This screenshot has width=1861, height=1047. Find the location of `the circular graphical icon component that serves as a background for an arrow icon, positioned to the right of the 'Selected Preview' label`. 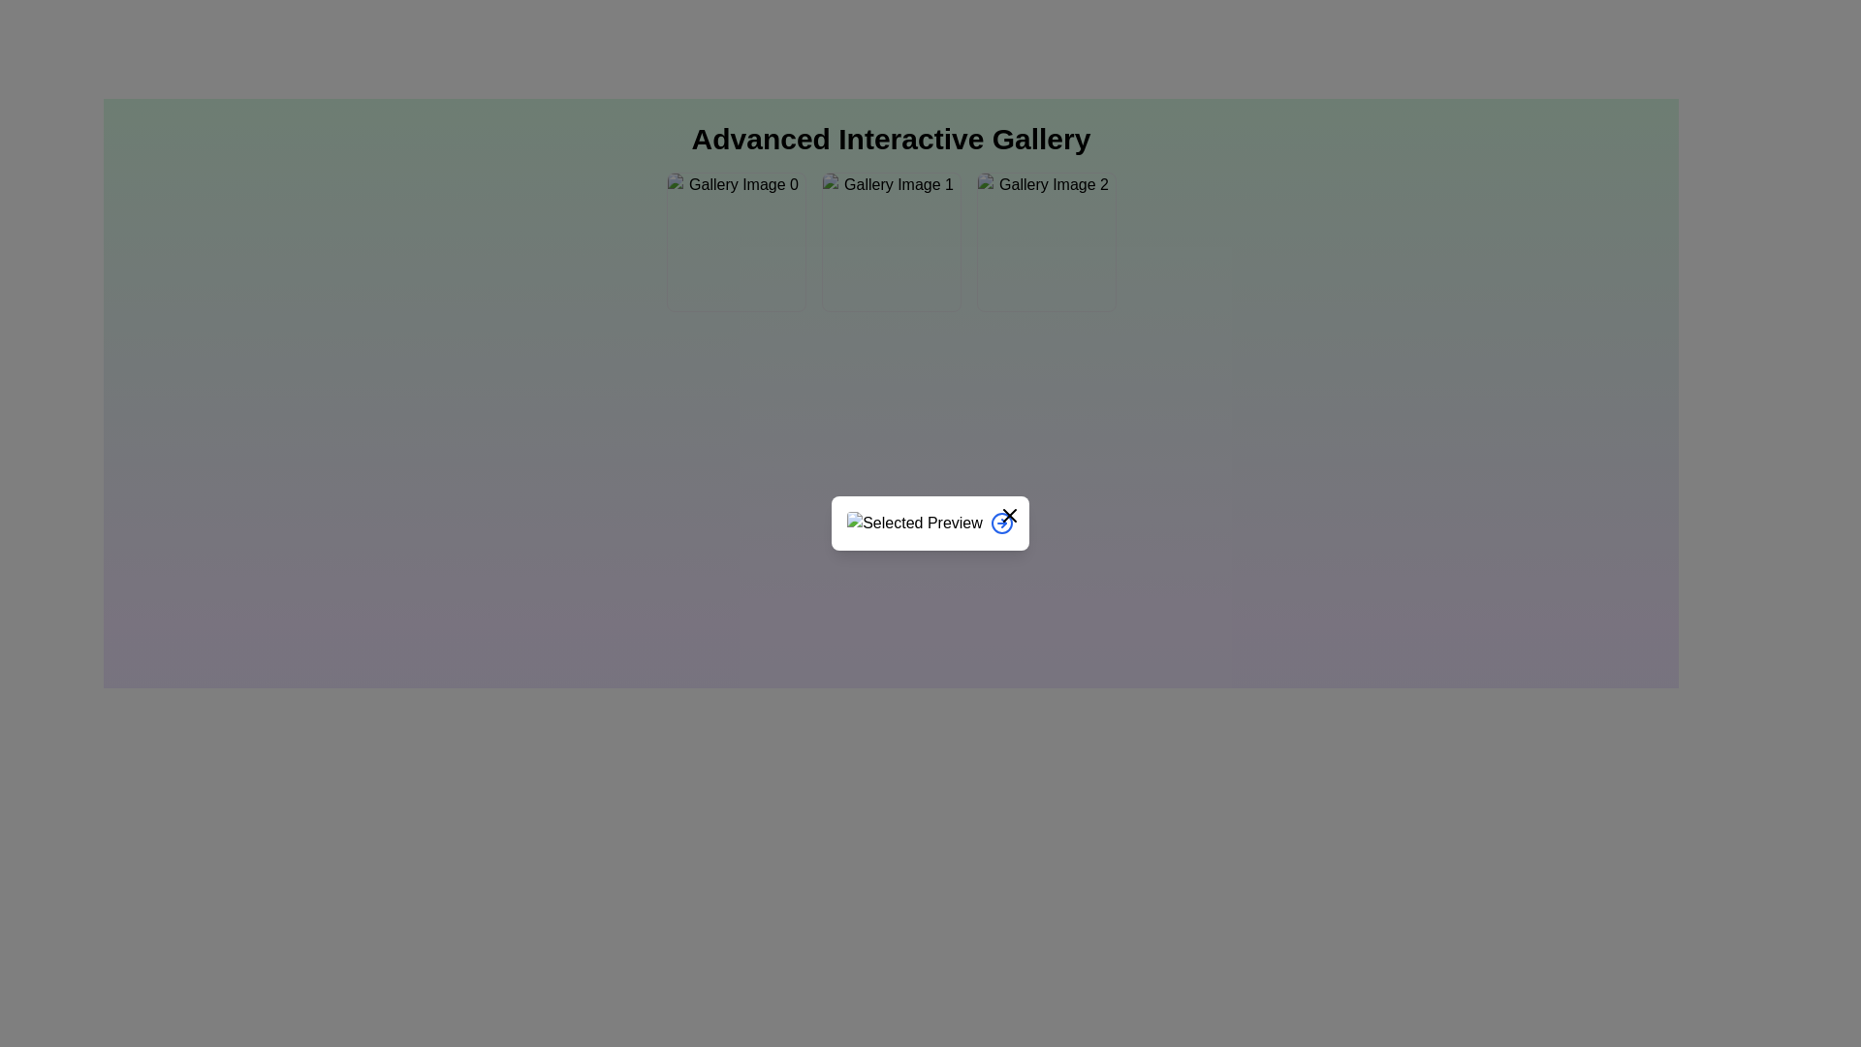

the circular graphical icon component that serves as a background for an arrow icon, positioned to the right of the 'Selected Preview' label is located at coordinates (1001, 523).